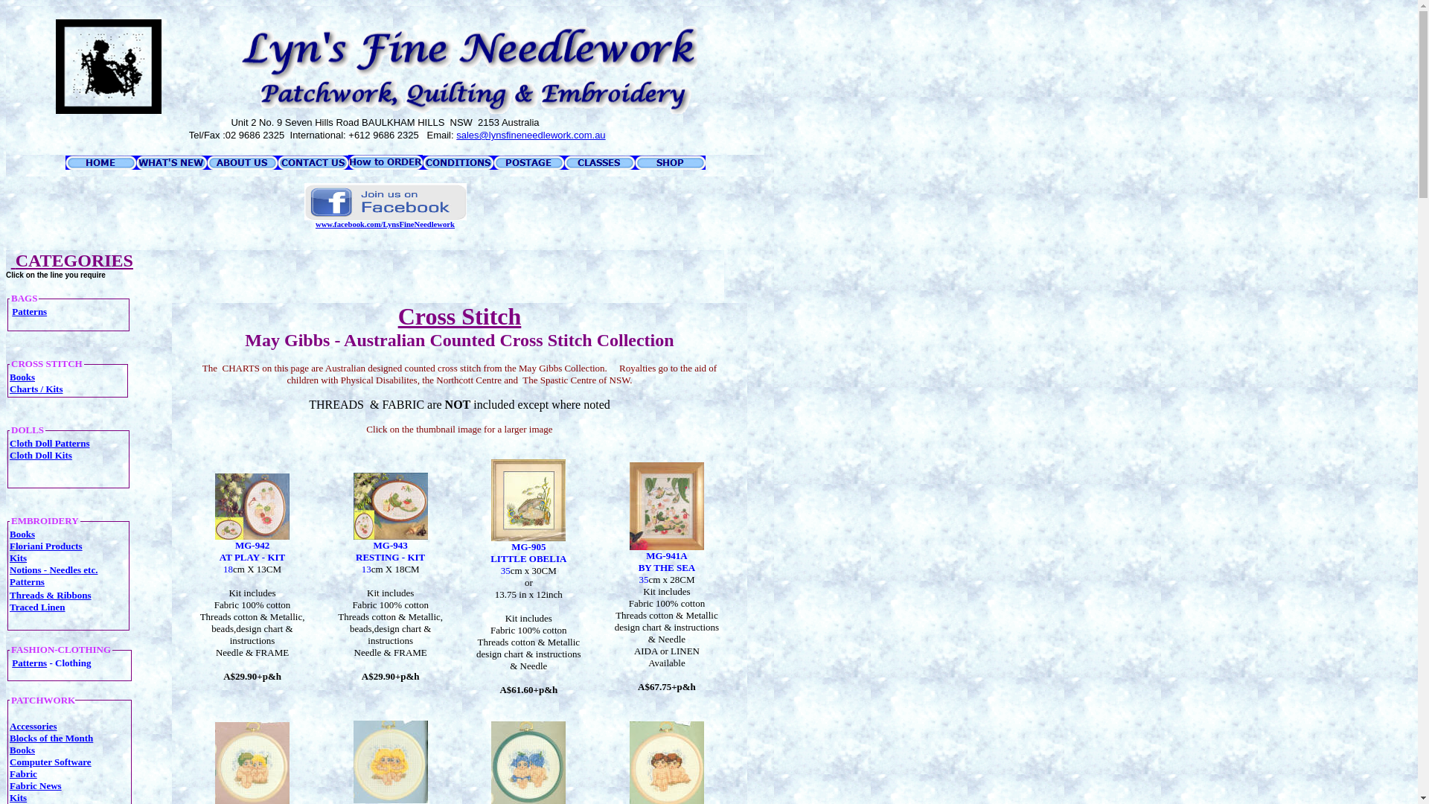  What do you see at coordinates (10, 533) in the screenshot?
I see `'Books'` at bounding box center [10, 533].